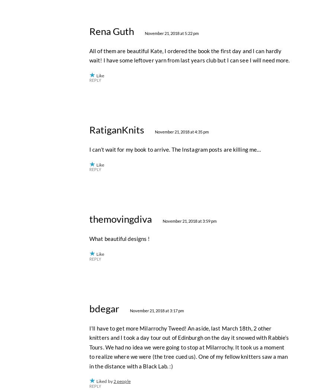 Image resolution: width=335 pixels, height=390 pixels. What do you see at coordinates (147, 107) in the screenshot?
I see `'November 21, 2018 at 7:42 pm'` at bounding box center [147, 107].